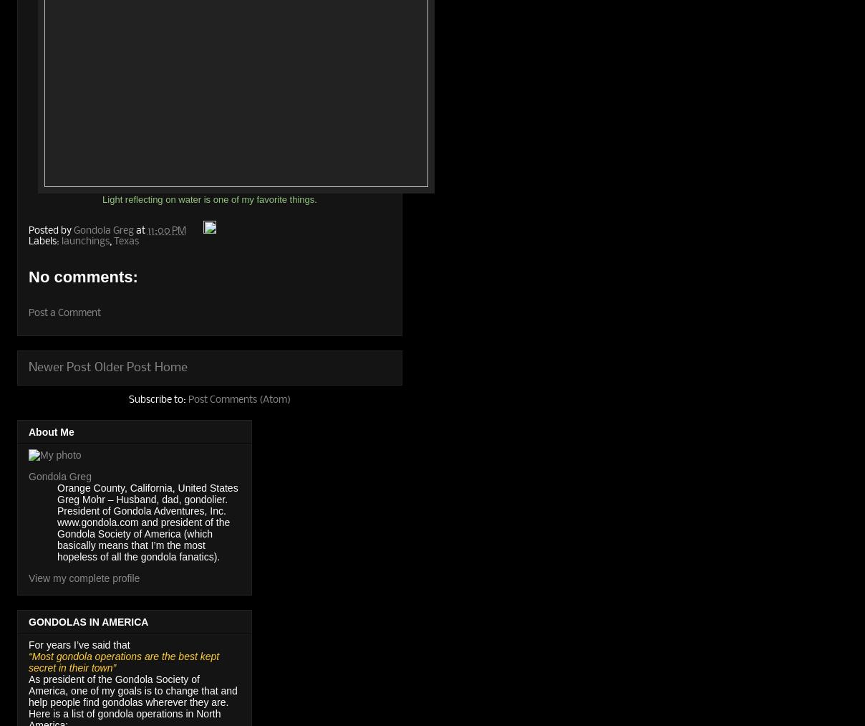 The height and width of the screenshot is (726, 865). I want to click on 'Light reflecting on water is one of my favorite things.', so click(209, 198).